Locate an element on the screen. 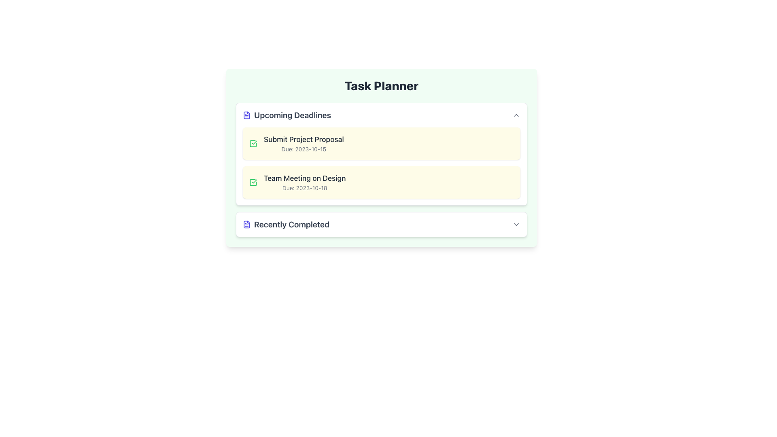 This screenshot has width=777, height=437. the first task card in the 'Upcoming Deadlines' list, which contains a title and a due date, located just above the 'Team Meeting on Design' card is located at coordinates (381, 143).